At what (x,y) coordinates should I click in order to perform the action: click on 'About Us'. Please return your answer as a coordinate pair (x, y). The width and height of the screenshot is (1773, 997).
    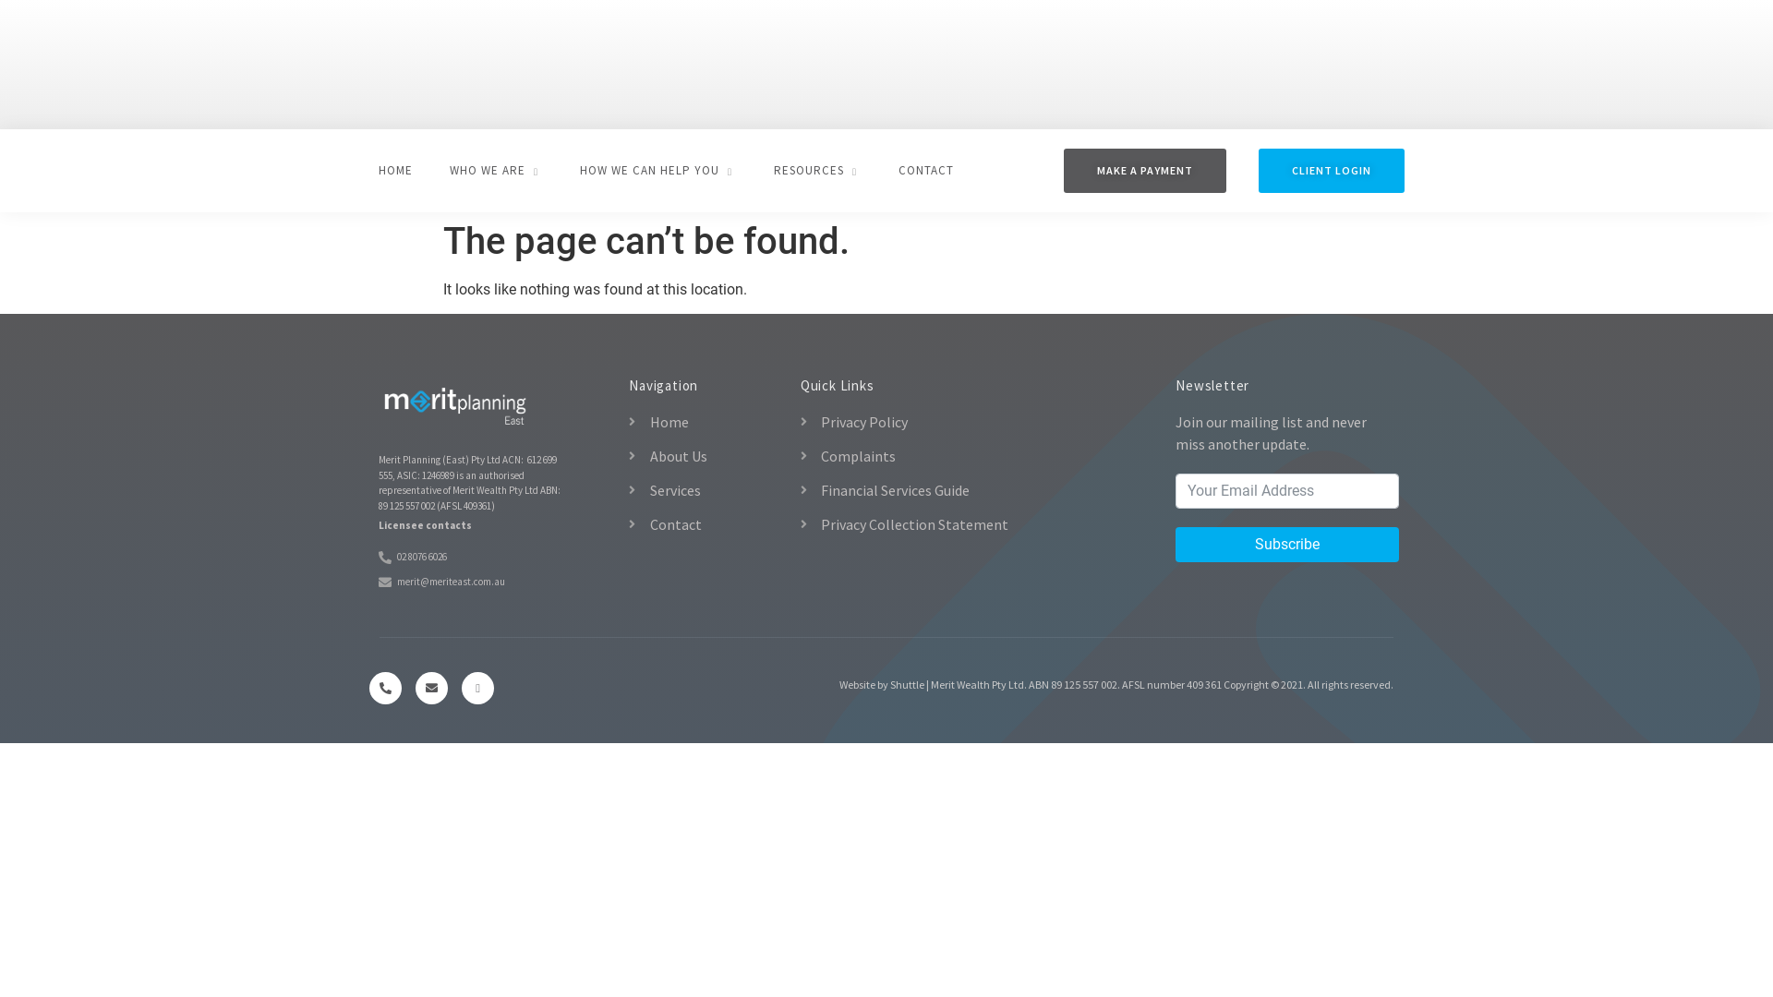
    Looking at the image, I should click on (704, 455).